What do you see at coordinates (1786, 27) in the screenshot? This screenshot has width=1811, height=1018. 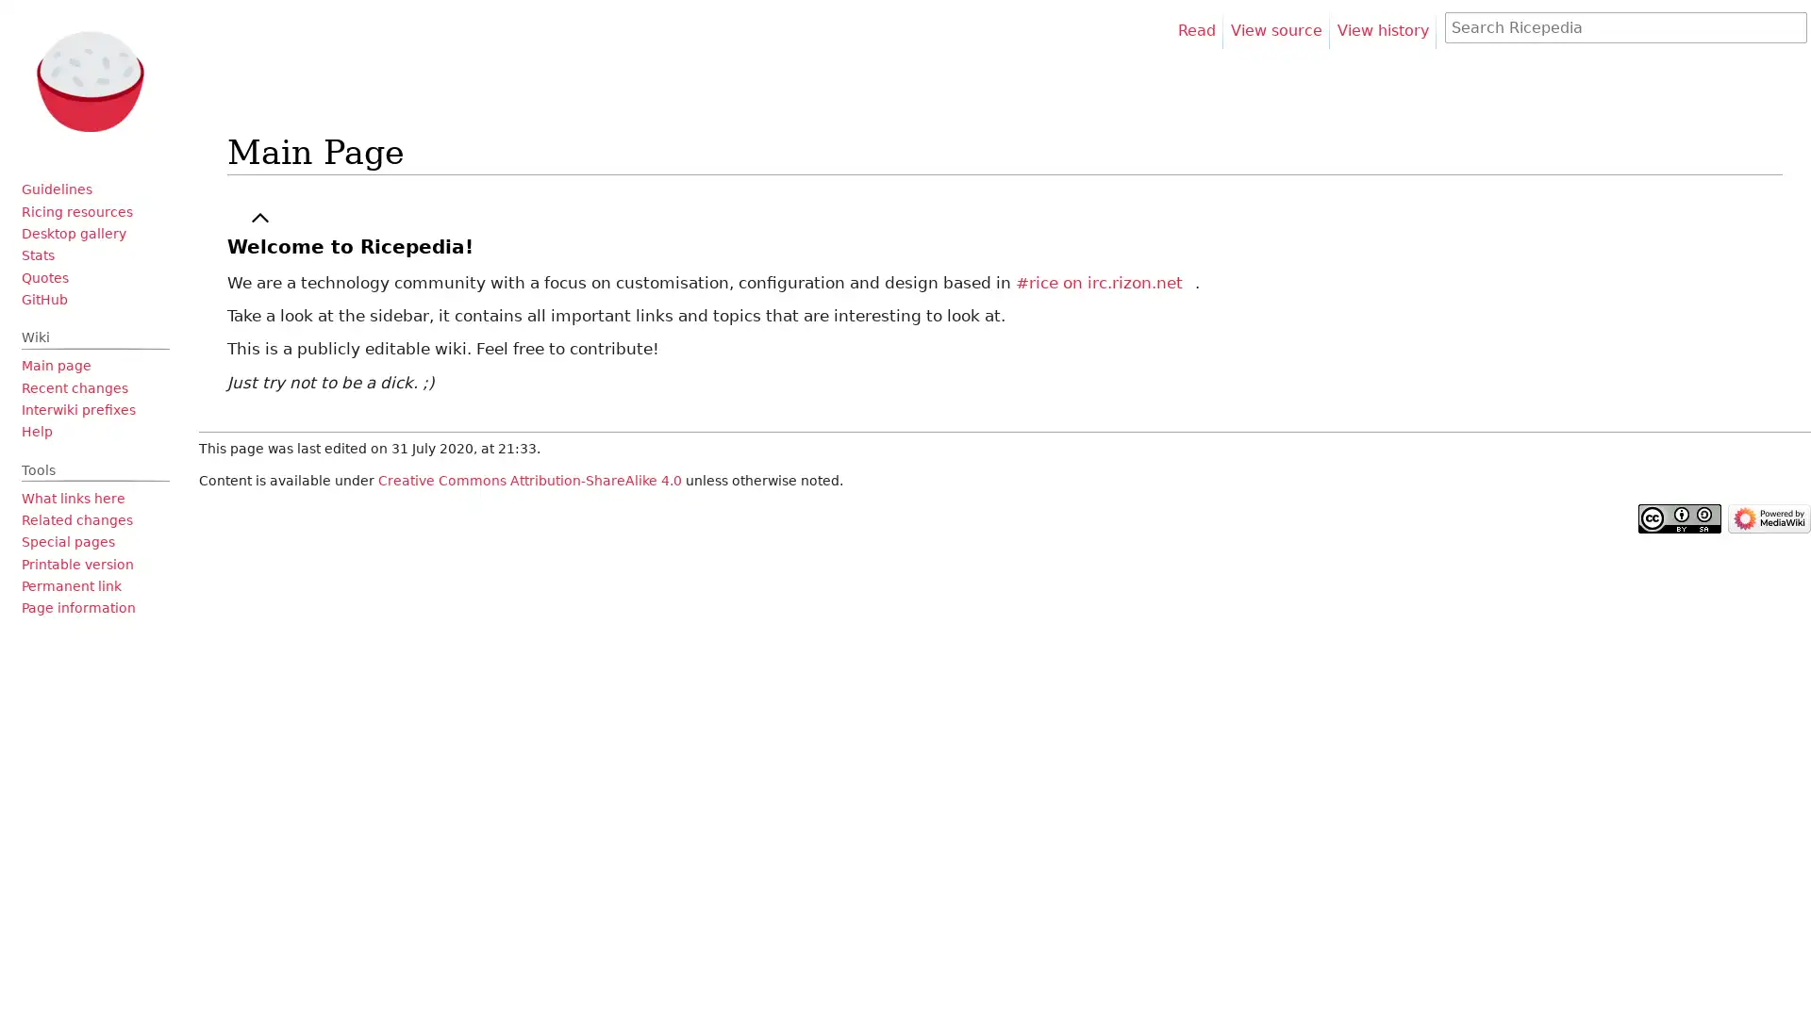 I see `Go` at bounding box center [1786, 27].